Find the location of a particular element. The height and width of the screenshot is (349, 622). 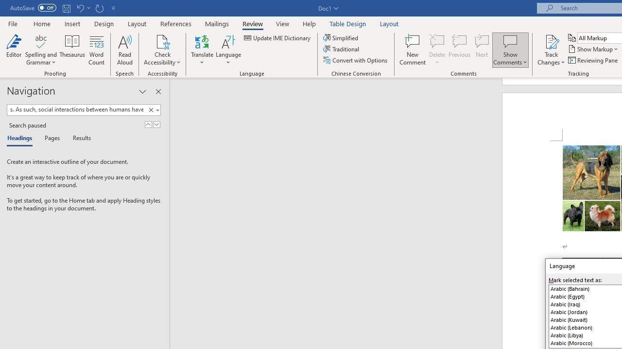

'Check Accessibility' is located at coordinates (162, 41).